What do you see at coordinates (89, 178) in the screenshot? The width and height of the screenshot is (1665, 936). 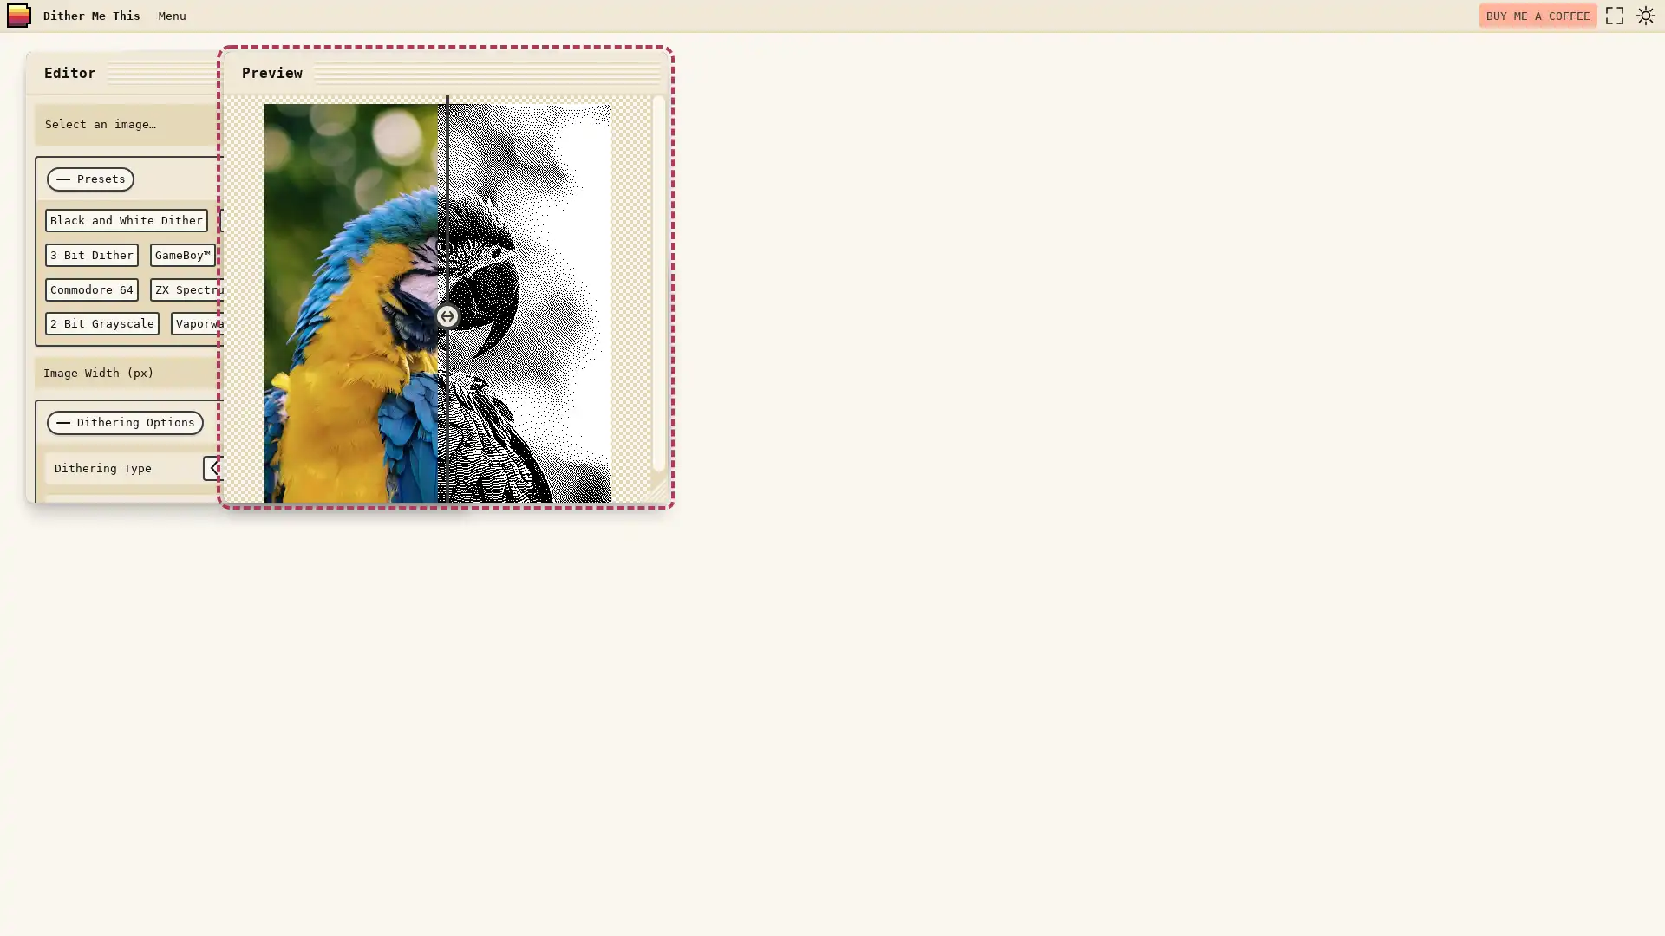 I see `Presets` at bounding box center [89, 178].